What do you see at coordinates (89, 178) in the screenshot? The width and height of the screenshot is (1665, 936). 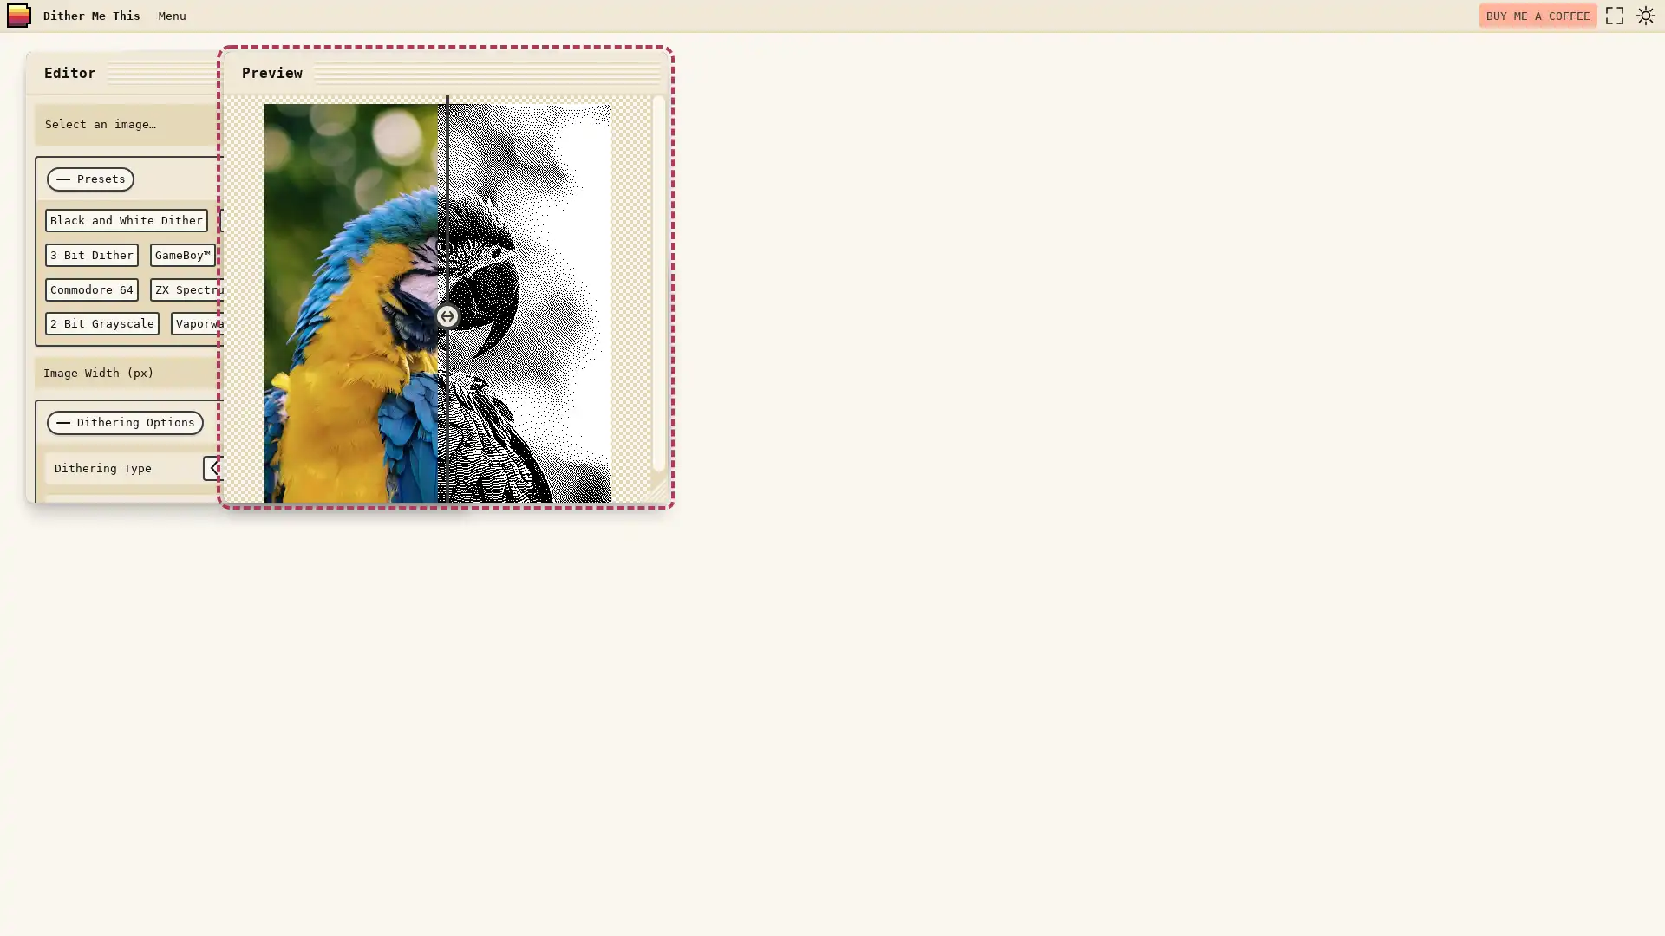 I see `Presets` at bounding box center [89, 178].